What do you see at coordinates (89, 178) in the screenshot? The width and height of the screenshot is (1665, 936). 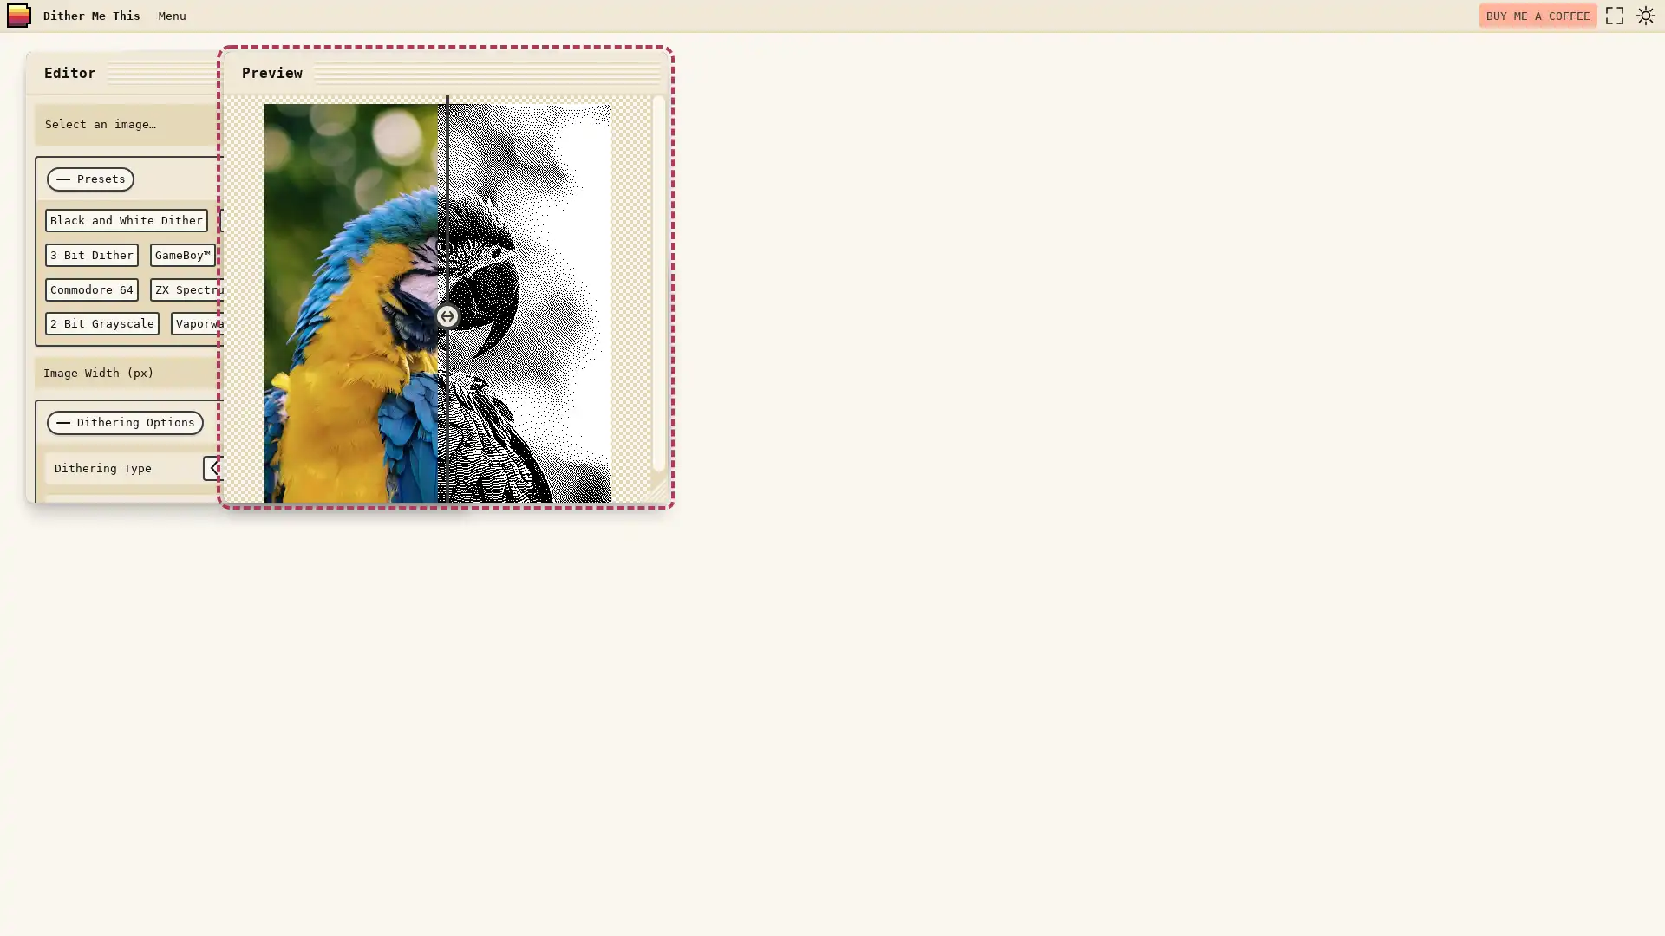 I see `Presets` at bounding box center [89, 178].